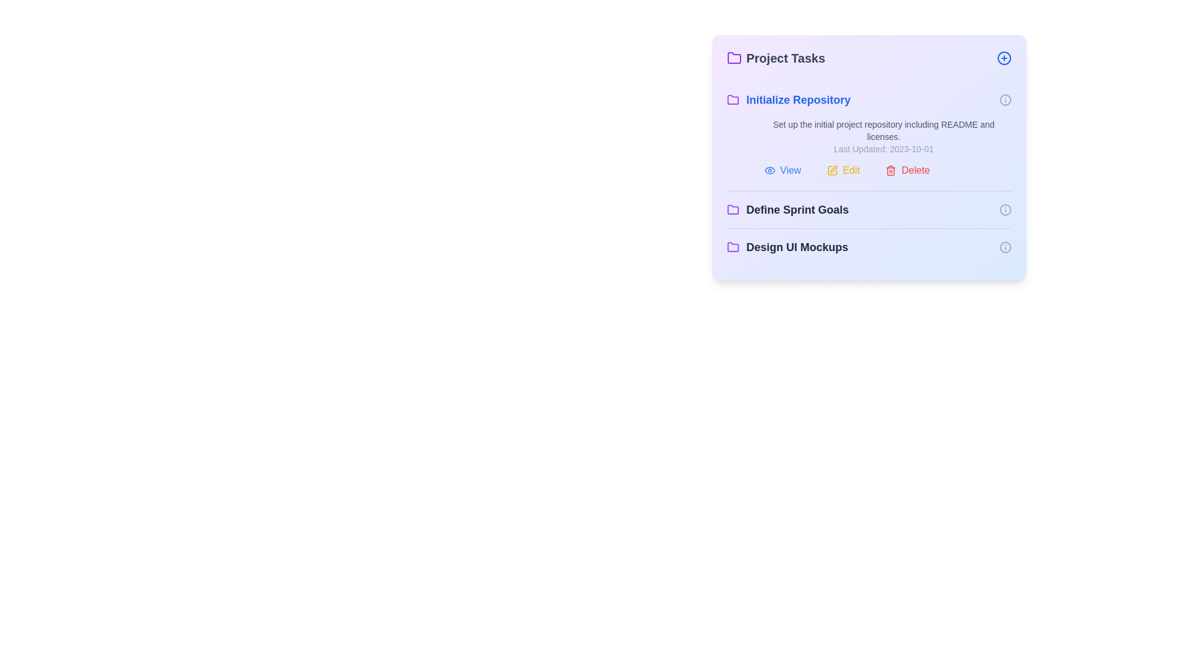  Describe the element at coordinates (1005, 247) in the screenshot. I see `the information icon located at the rightmost side of the row containing 'Design UI Mockups'` at that location.